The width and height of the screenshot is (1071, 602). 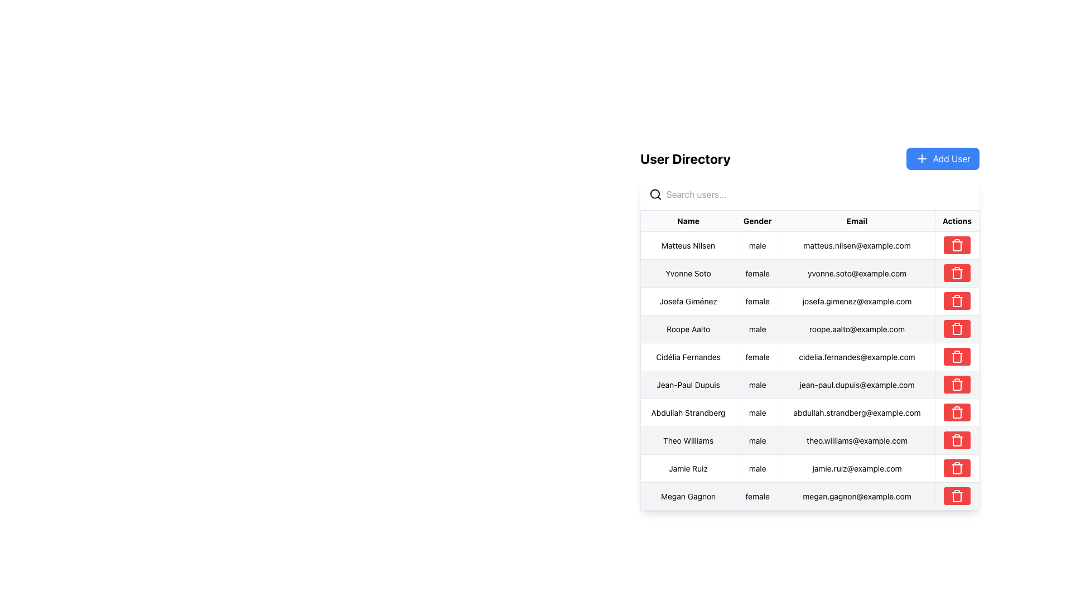 I want to click on the red rectangular delete button with a white trash can icon in the 'Actions' column of the second row for user 'Yvonne Soto', so click(x=956, y=273).